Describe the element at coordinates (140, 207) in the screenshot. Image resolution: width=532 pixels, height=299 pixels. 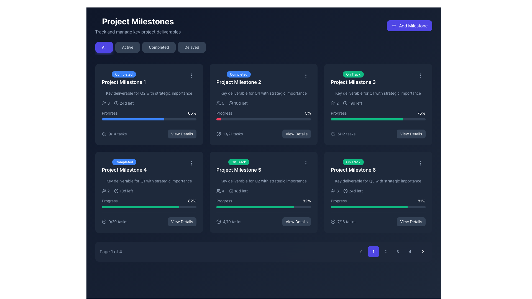
I see `the progress bar segment representing 82% completion within the 'Project Milestone 4' card under the 'Progress' section` at that location.